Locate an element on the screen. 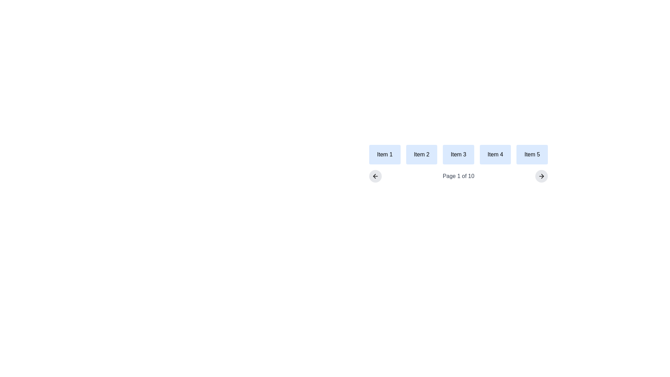 The image size is (670, 377). the arrow icon within the circular button located to the left of the item list is located at coordinates (375, 176).